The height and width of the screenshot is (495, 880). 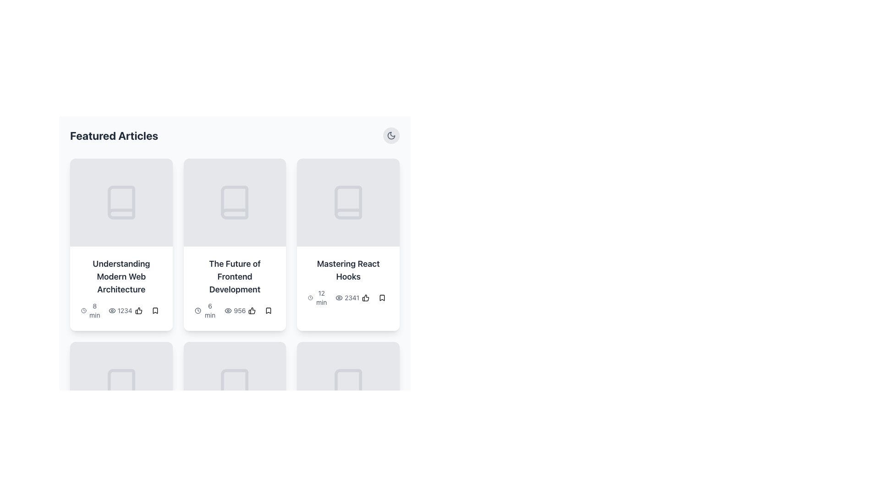 What do you see at coordinates (147, 310) in the screenshot?
I see `the small decorative icon that acts as a separator between the thumbs-up icon and the bookmark icon at the bottom of the content card` at bounding box center [147, 310].